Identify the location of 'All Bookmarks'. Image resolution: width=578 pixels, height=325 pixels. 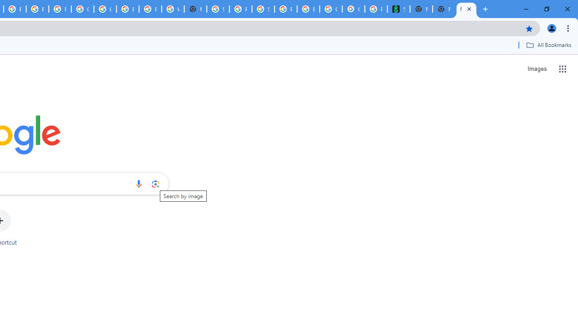
(548, 45).